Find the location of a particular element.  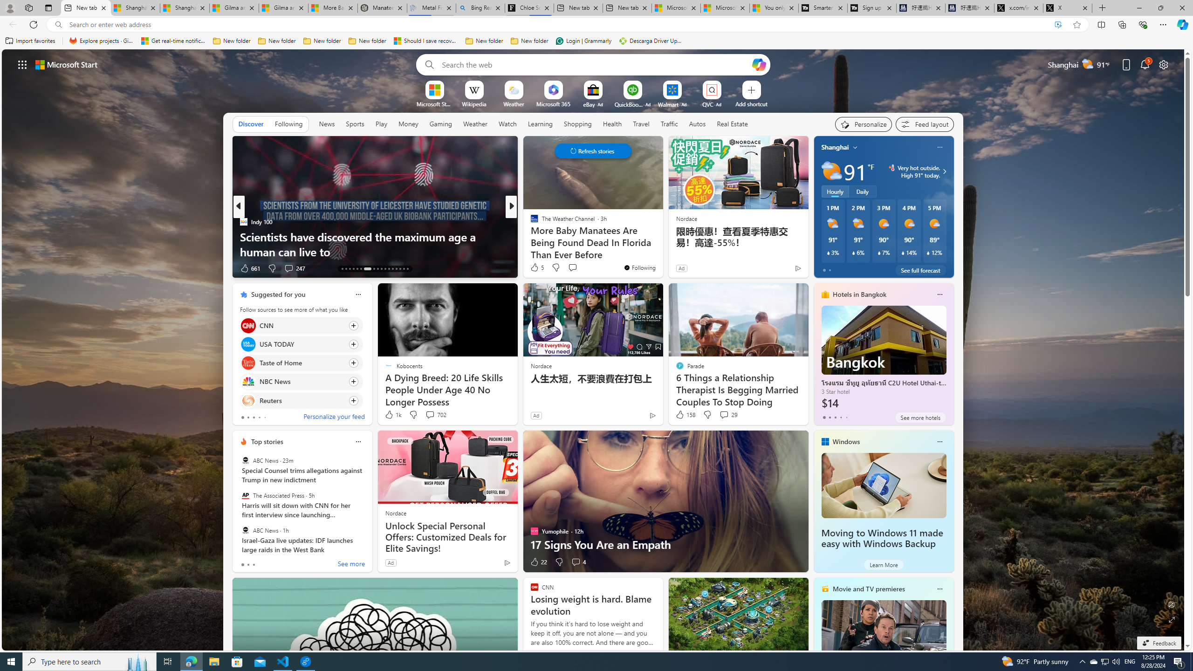

'See full forecast' is located at coordinates (920, 269).